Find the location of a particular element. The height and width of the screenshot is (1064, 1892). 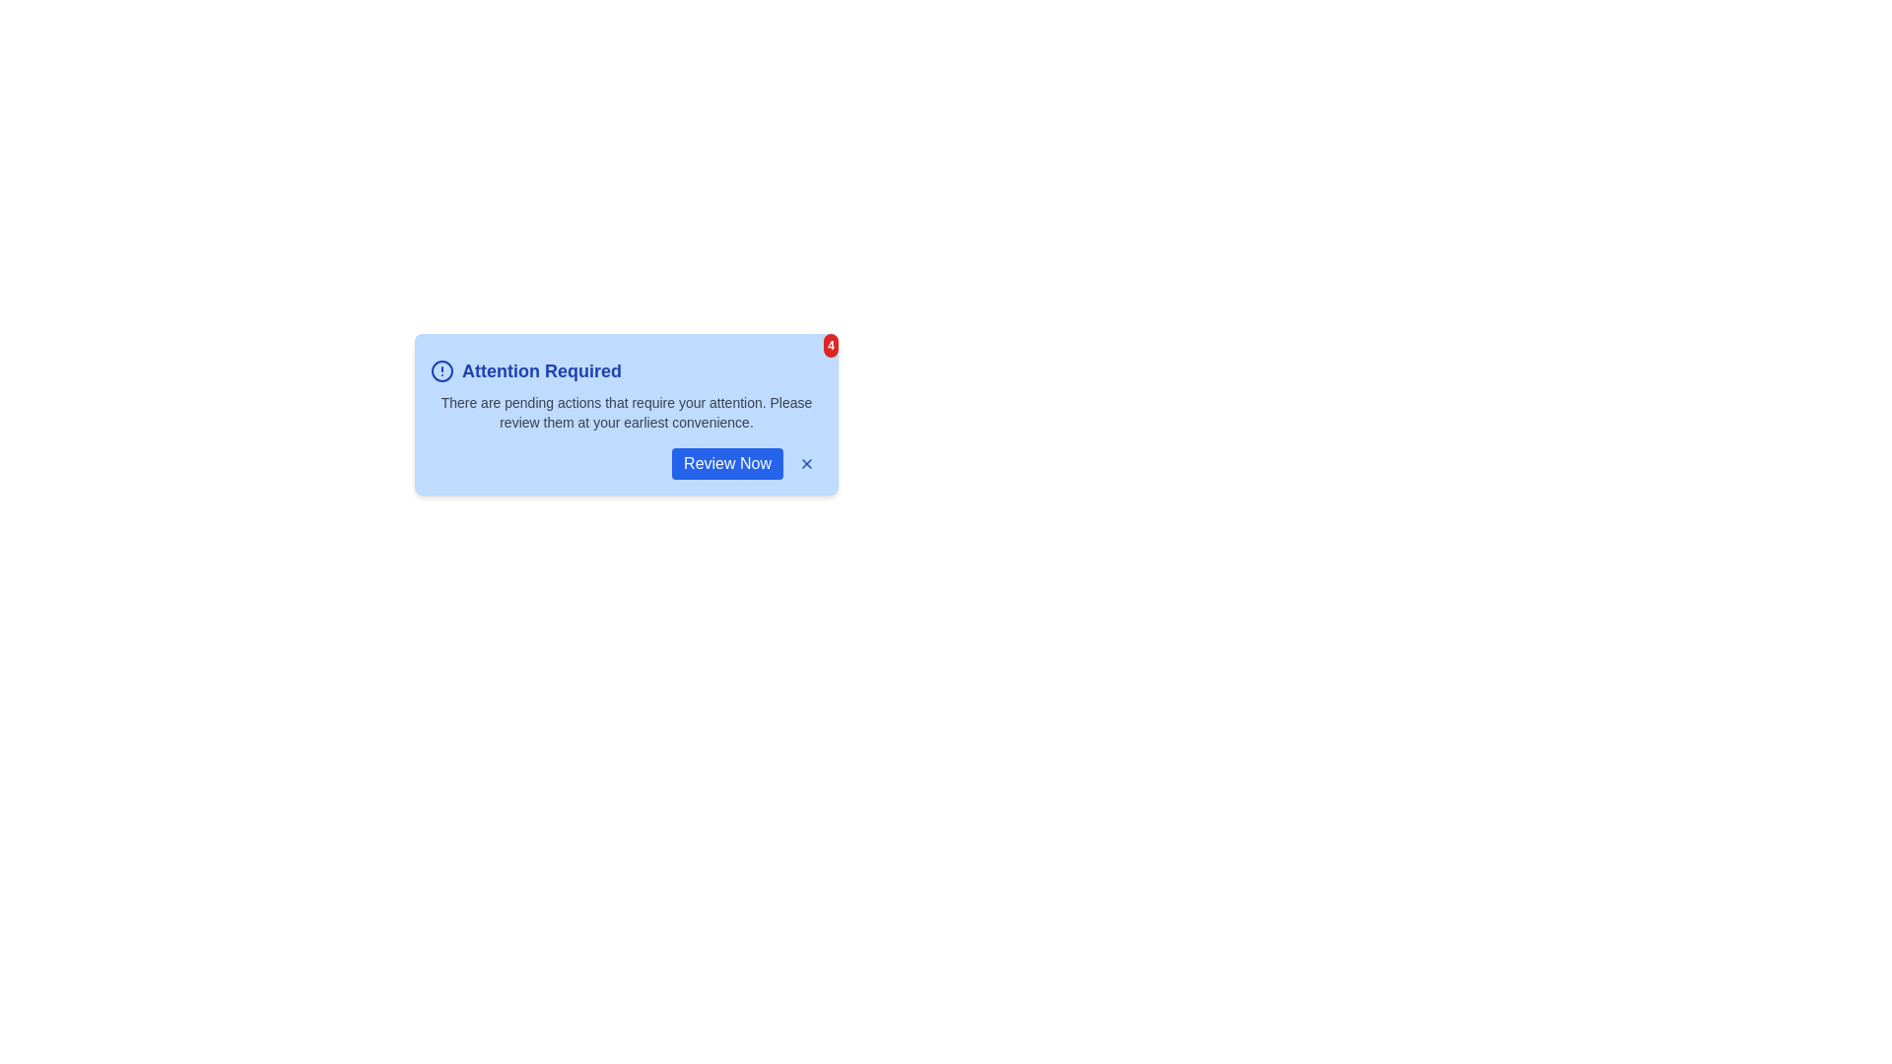

the dismiss or close button located to the right of the 'Review Now' blue button is located at coordinates (807, 463).